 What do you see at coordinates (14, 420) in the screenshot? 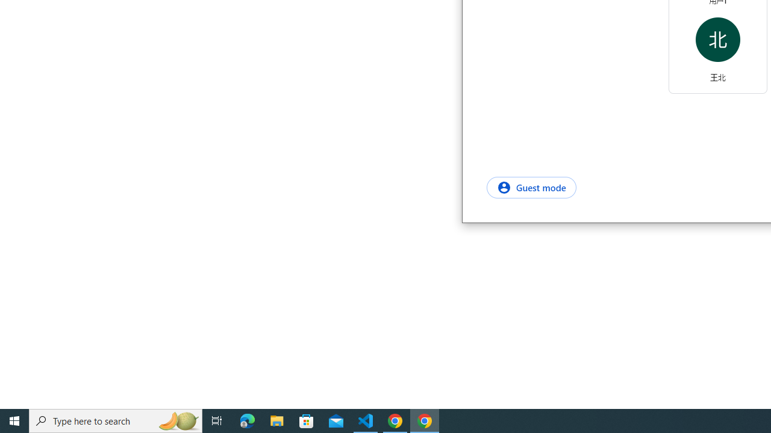
I see `'Start'` at bounding box center [14, 420].